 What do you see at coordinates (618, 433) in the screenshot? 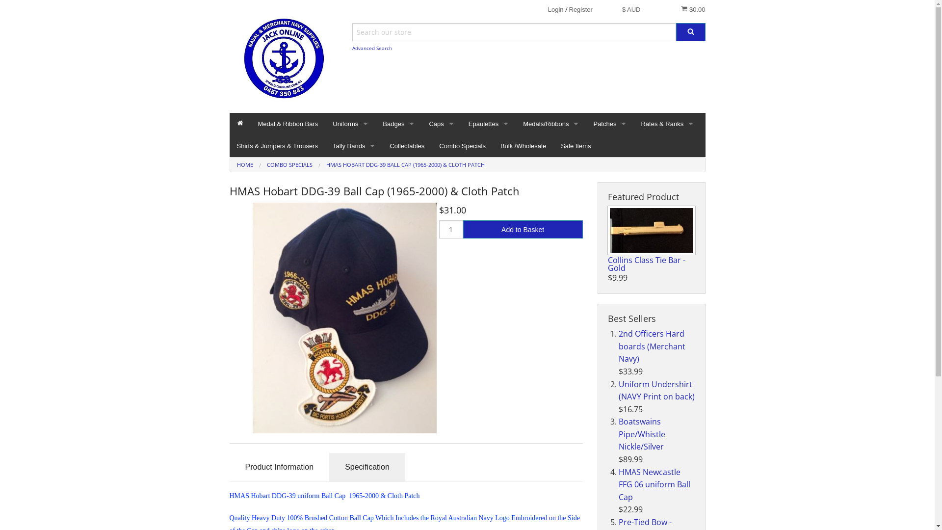
I see `'Boatswains Pipe/Whistle Nickle/Silver'` at bounding box center [618, 433].